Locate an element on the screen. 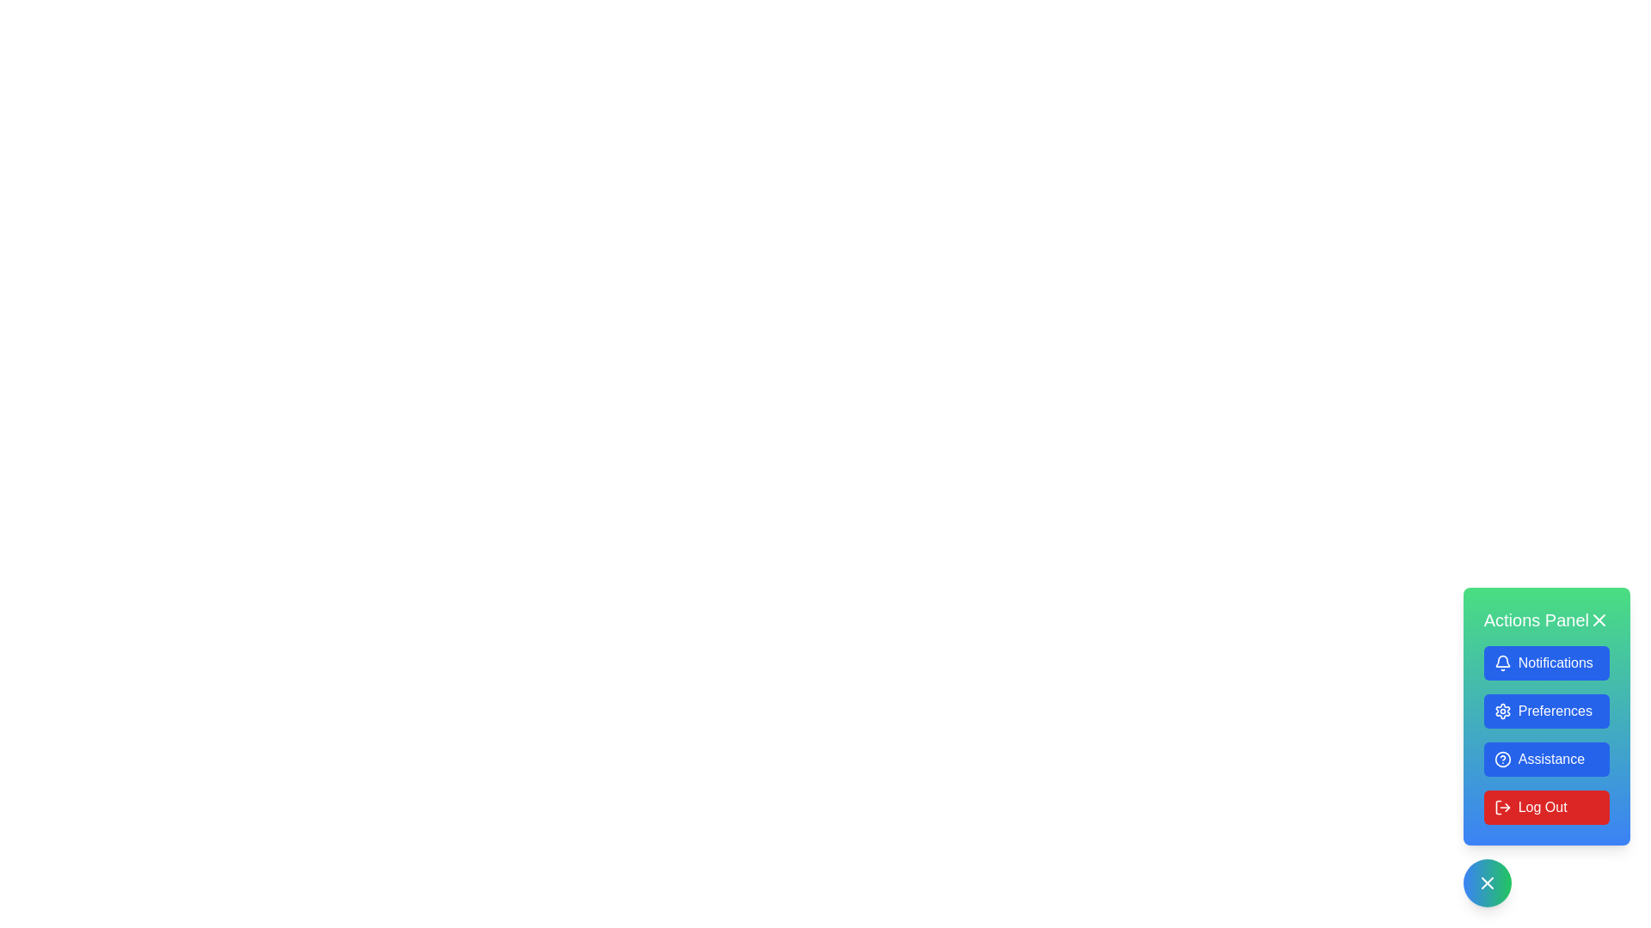 The width and height of the screenshot is (1651, 928). the third button in the 'Actions Panel' section, located below 'Notifications' and above 'Assistance' is located at coordinates (1546, 711).